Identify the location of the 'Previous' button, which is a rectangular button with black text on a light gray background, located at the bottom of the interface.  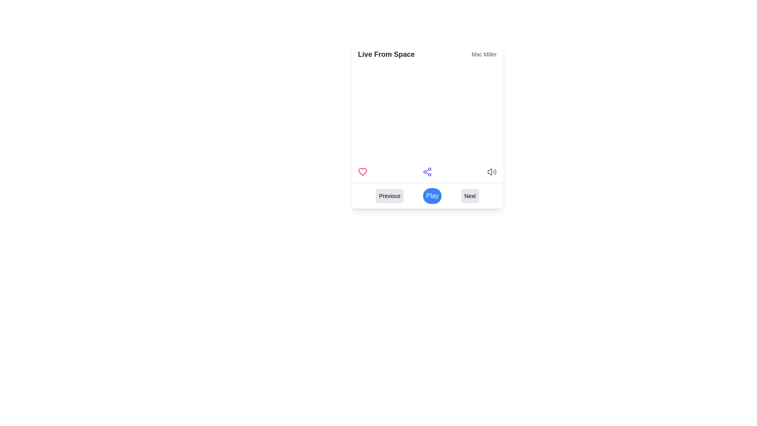
(390, 196).